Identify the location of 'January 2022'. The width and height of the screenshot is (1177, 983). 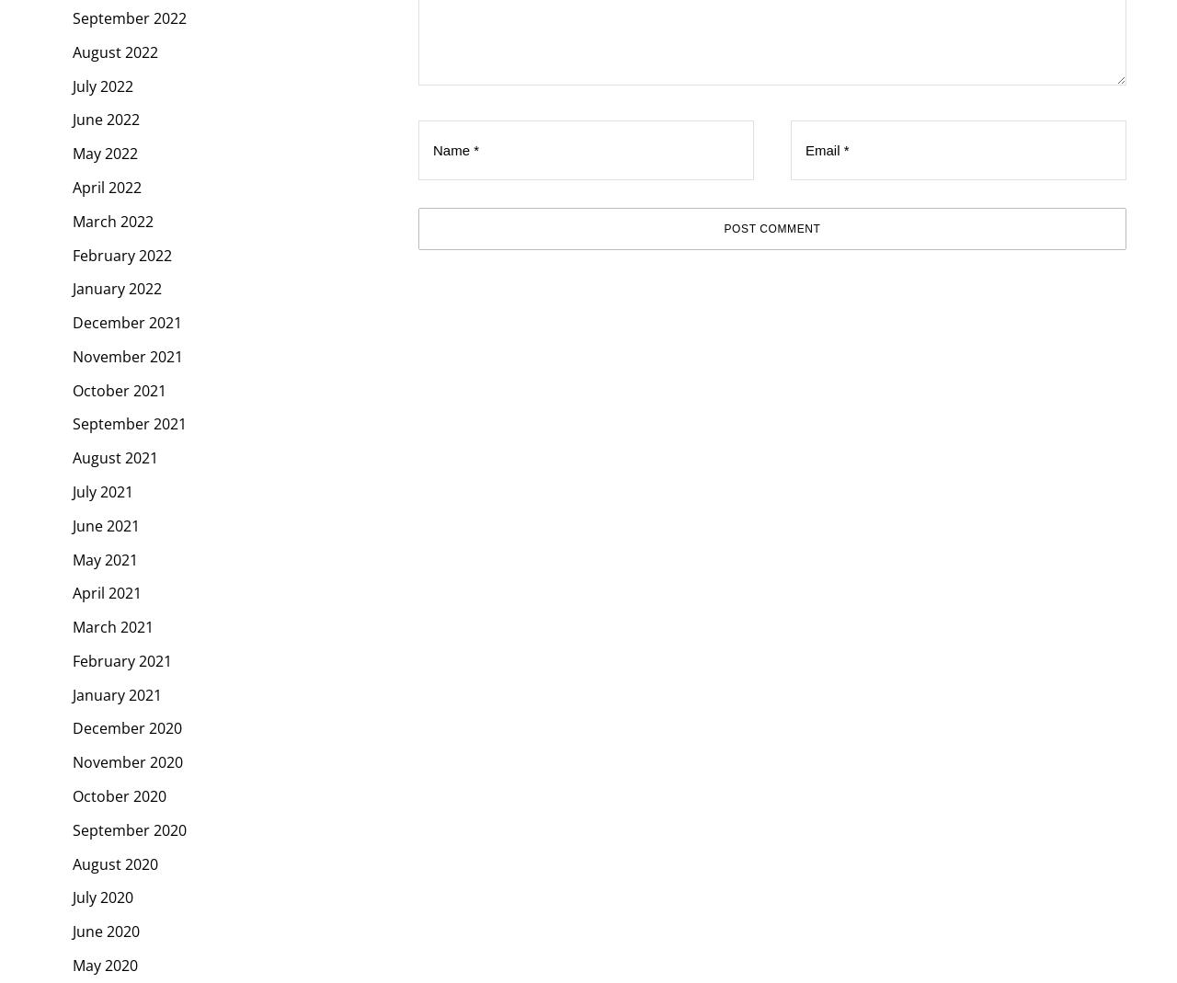
(116, 287).